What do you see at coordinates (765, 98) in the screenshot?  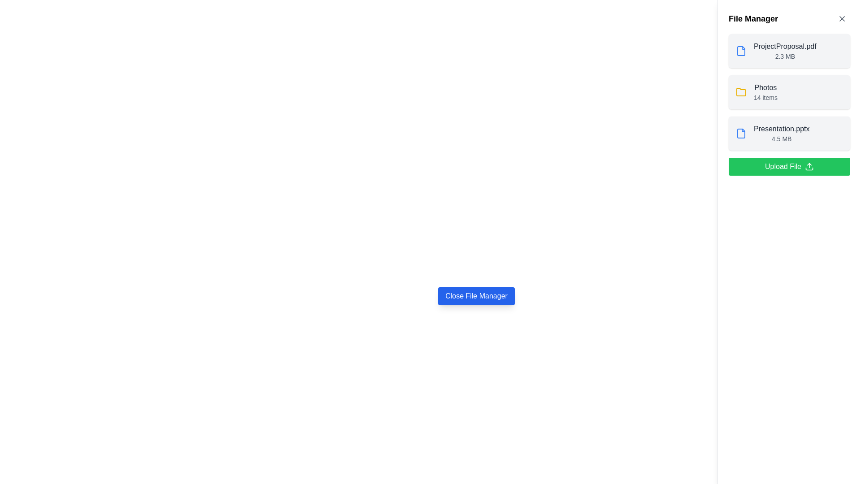 I see `the Text label indicating the number of items in the 'Photos' folder located below the 'Photos' folder in the 'File Manager' section` at bounding box center [765, 98].